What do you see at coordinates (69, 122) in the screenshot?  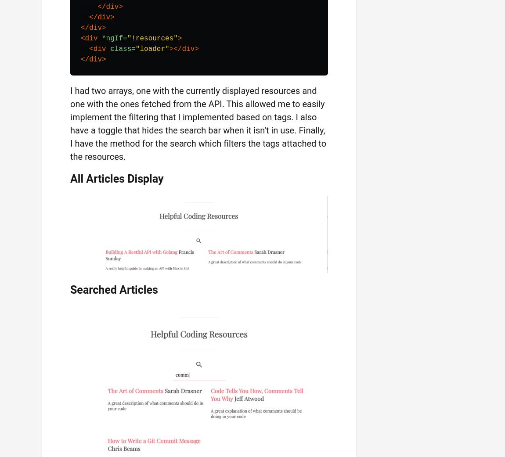 I see `'I had two arrays, one with the currently displayed resources and one with the ones fetched from the API. This allowed me to easily implement the filtering that I implemented based on tags. I also have a toggle that hides the search bar when it isn't in use. Finally, I have the method for the search which filters the tags attached to the resources.'` at bounding box center [69, 122].